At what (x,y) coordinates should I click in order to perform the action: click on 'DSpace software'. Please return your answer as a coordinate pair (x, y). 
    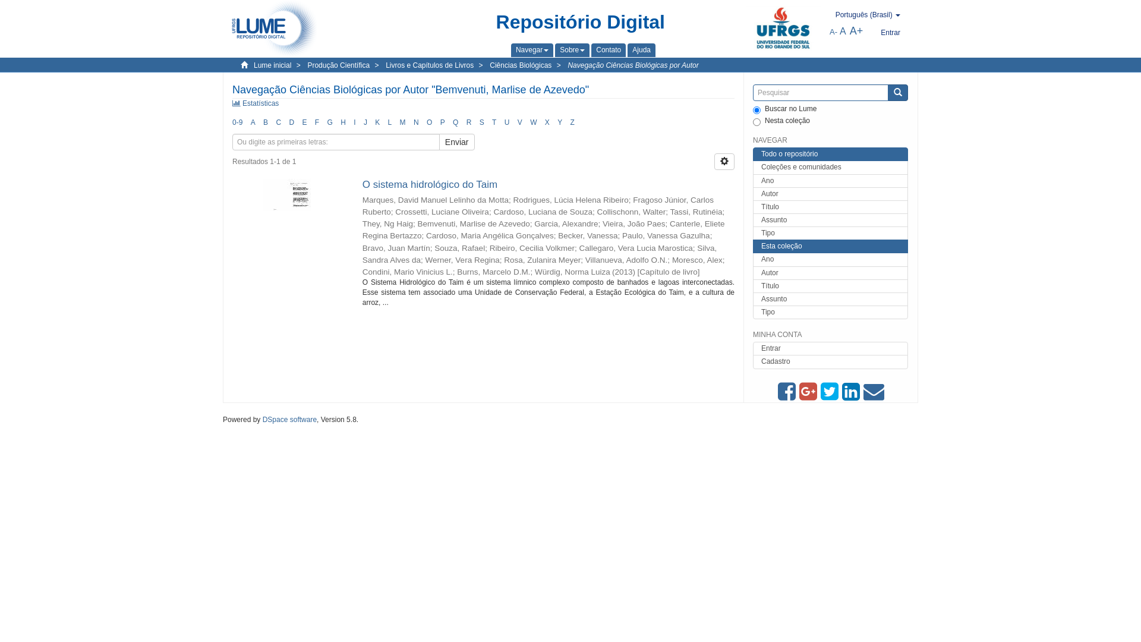
    Looking at the image, I should click on (289, 418).